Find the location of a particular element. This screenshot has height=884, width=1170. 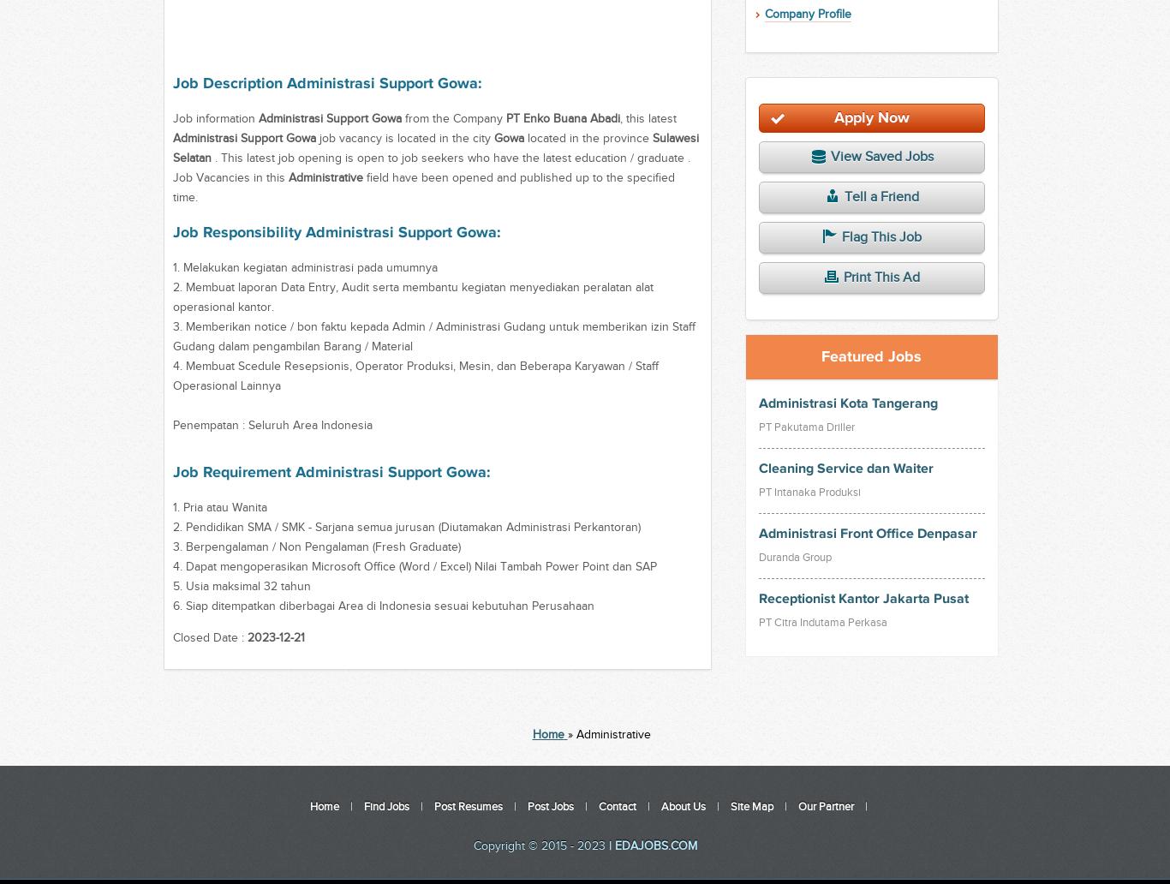

'About Us' is located at coordinates (683, 806).